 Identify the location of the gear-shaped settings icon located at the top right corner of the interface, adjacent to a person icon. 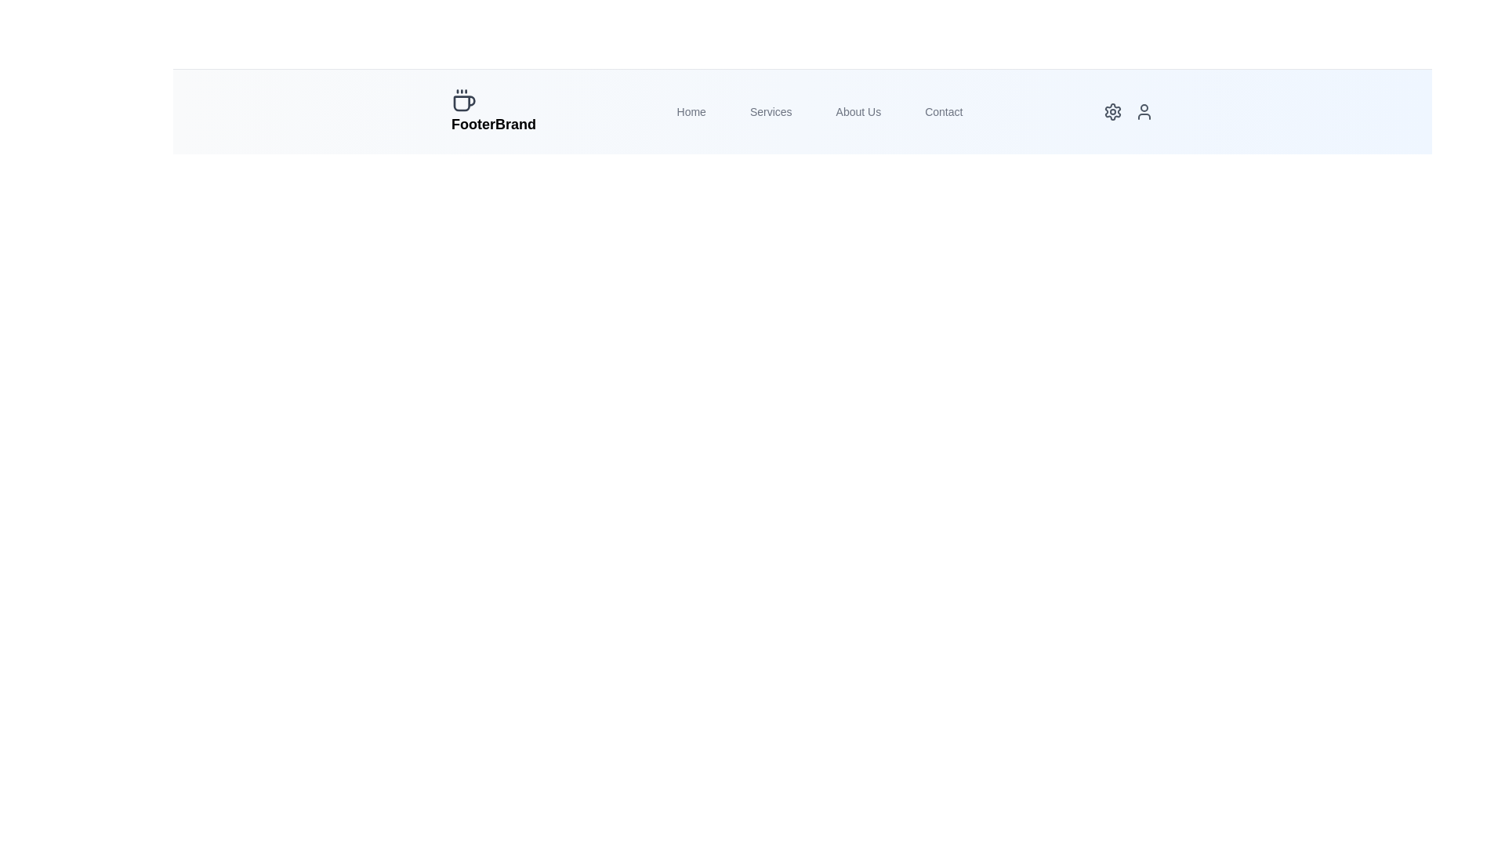
(1112, 110).